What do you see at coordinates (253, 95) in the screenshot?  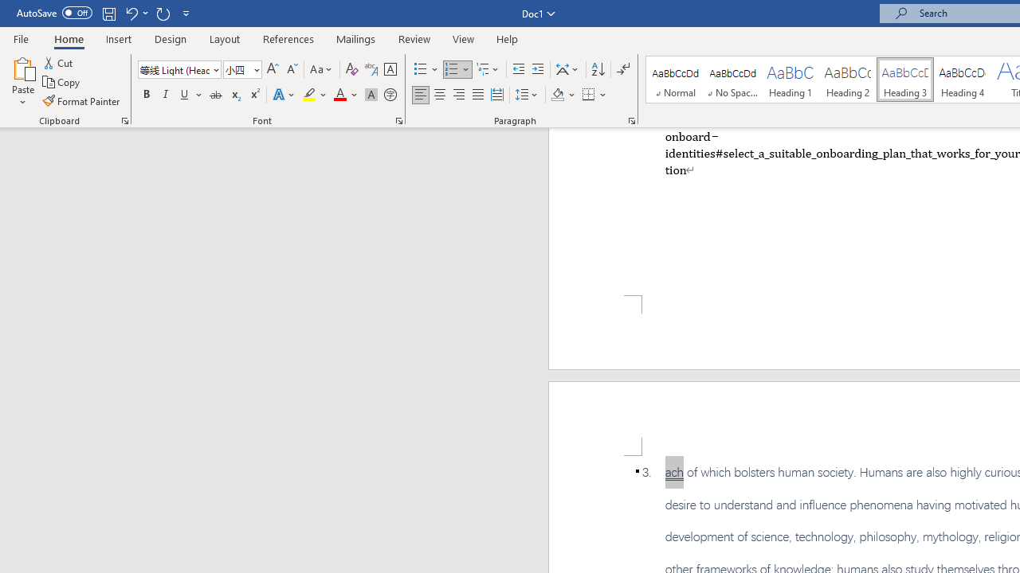 I see `'Superscript'` at bounding box center [253, 95].